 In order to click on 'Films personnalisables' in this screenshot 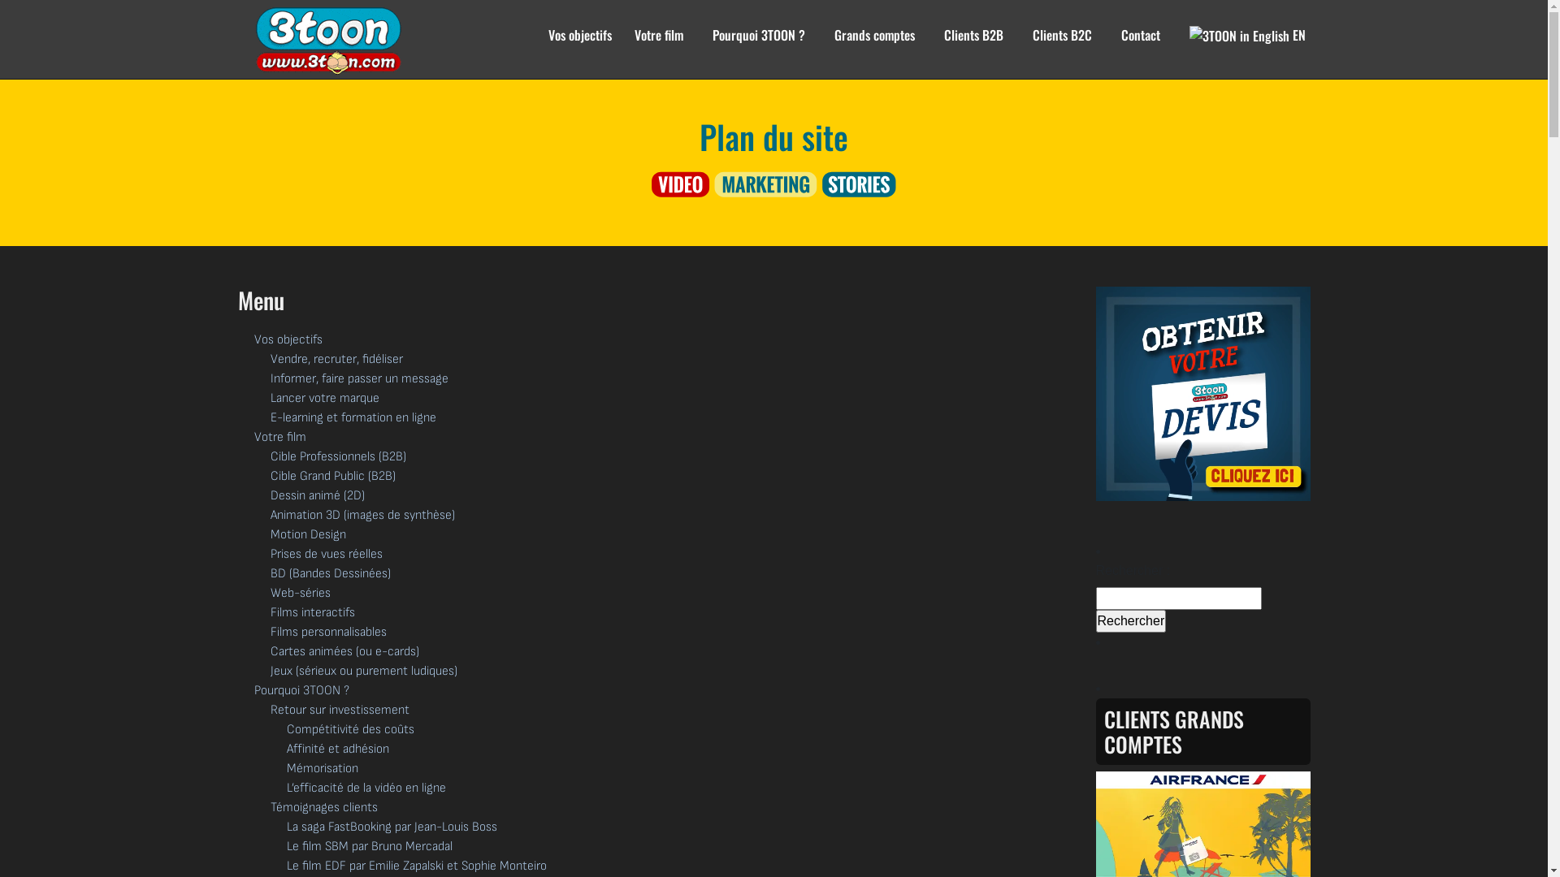, I will do `click(269, 631)`.